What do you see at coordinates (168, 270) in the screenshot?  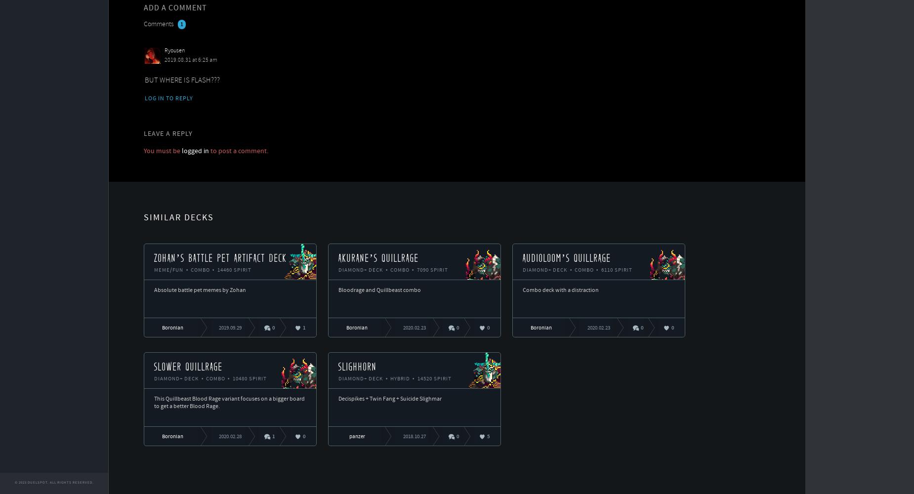 I see `'Meme/Fun'` at bounding box center [168, 270].